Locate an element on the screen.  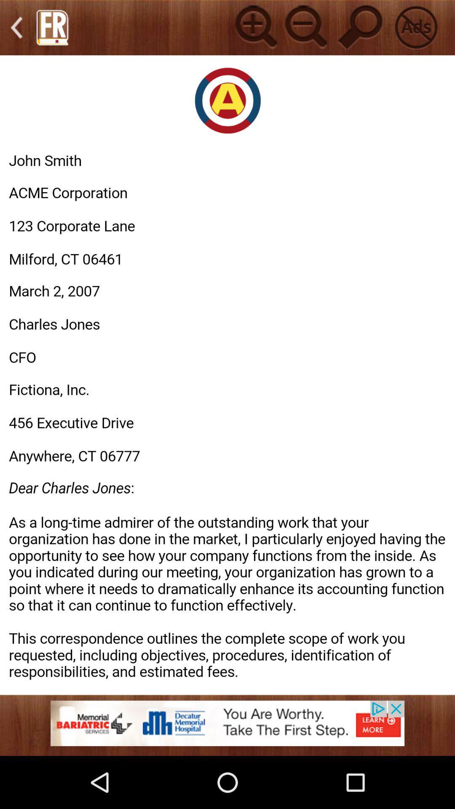
add button is located at coordinates (254, 27).